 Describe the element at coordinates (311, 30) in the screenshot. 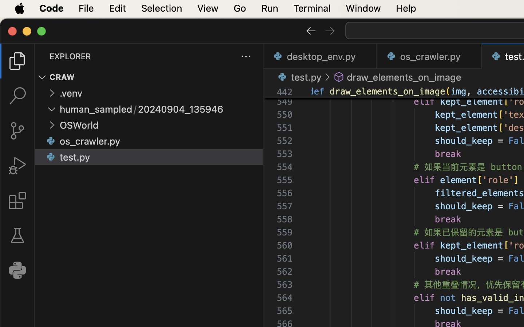

I see `''` at that location.